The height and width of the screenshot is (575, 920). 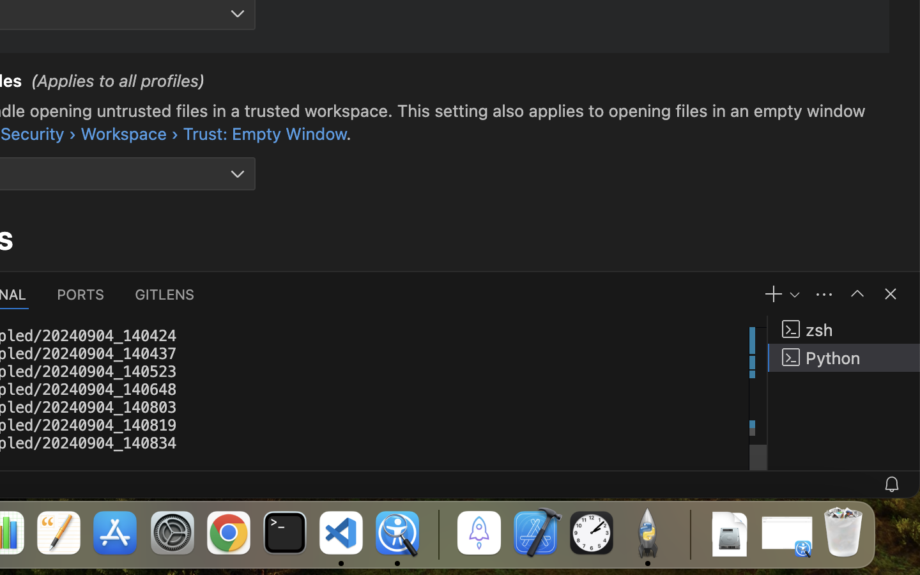 What do you see at coordinates (165, 293) in the screenshot?
I see `'0 GITLENS'` at bounding box center [165, 293].